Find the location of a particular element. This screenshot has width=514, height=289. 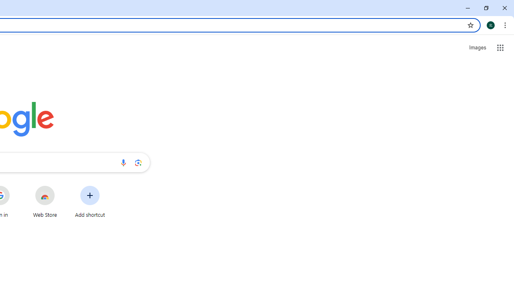

'More actions for Web Store shortcut' is located at coordinates (61, 186).